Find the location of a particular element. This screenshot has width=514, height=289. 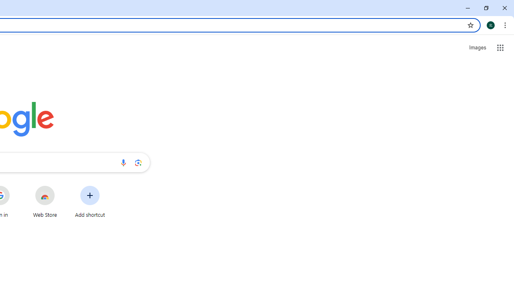

'More actions for Web Store shortcut' is located at coordinates (61, 186).